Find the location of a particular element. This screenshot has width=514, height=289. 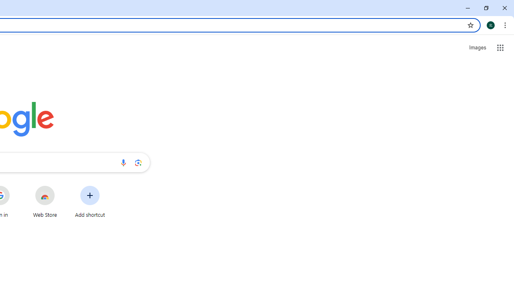

'More actions for Web Store shortcut' is located at coordinates (61, 186).